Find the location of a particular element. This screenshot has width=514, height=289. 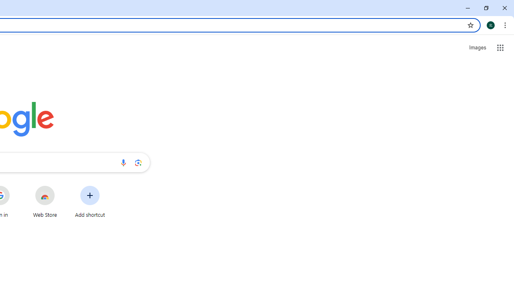

'More actions for Web Store shortcut' is located at coordinates (61, 186).